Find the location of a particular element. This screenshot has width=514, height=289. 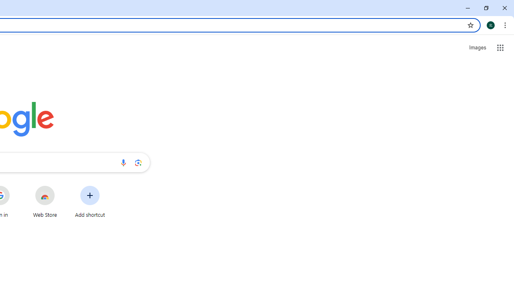

'More actions for Web Store shortcut' is located at coordinates (61, 186).